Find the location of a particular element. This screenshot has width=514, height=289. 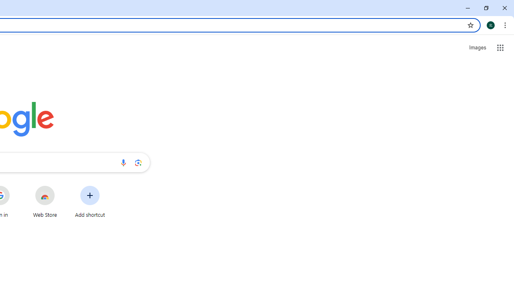

'More actions for Web Store shortcut' is located at coordinates (61, 186).